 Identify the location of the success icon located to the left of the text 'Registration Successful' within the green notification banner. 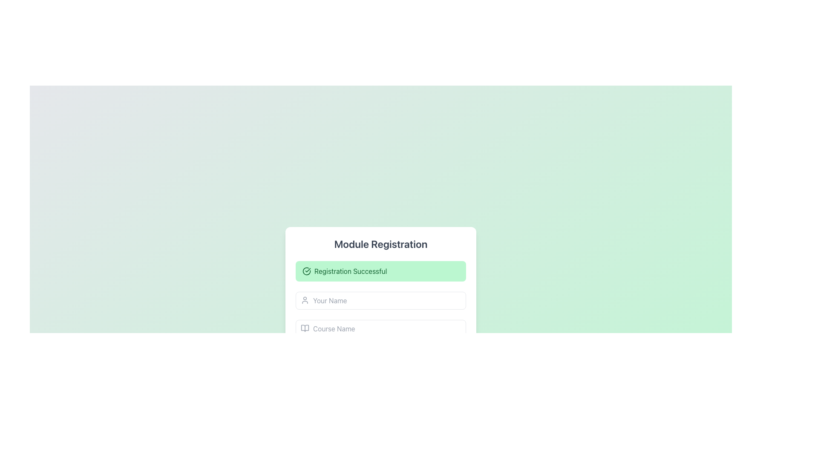
(307, 271).